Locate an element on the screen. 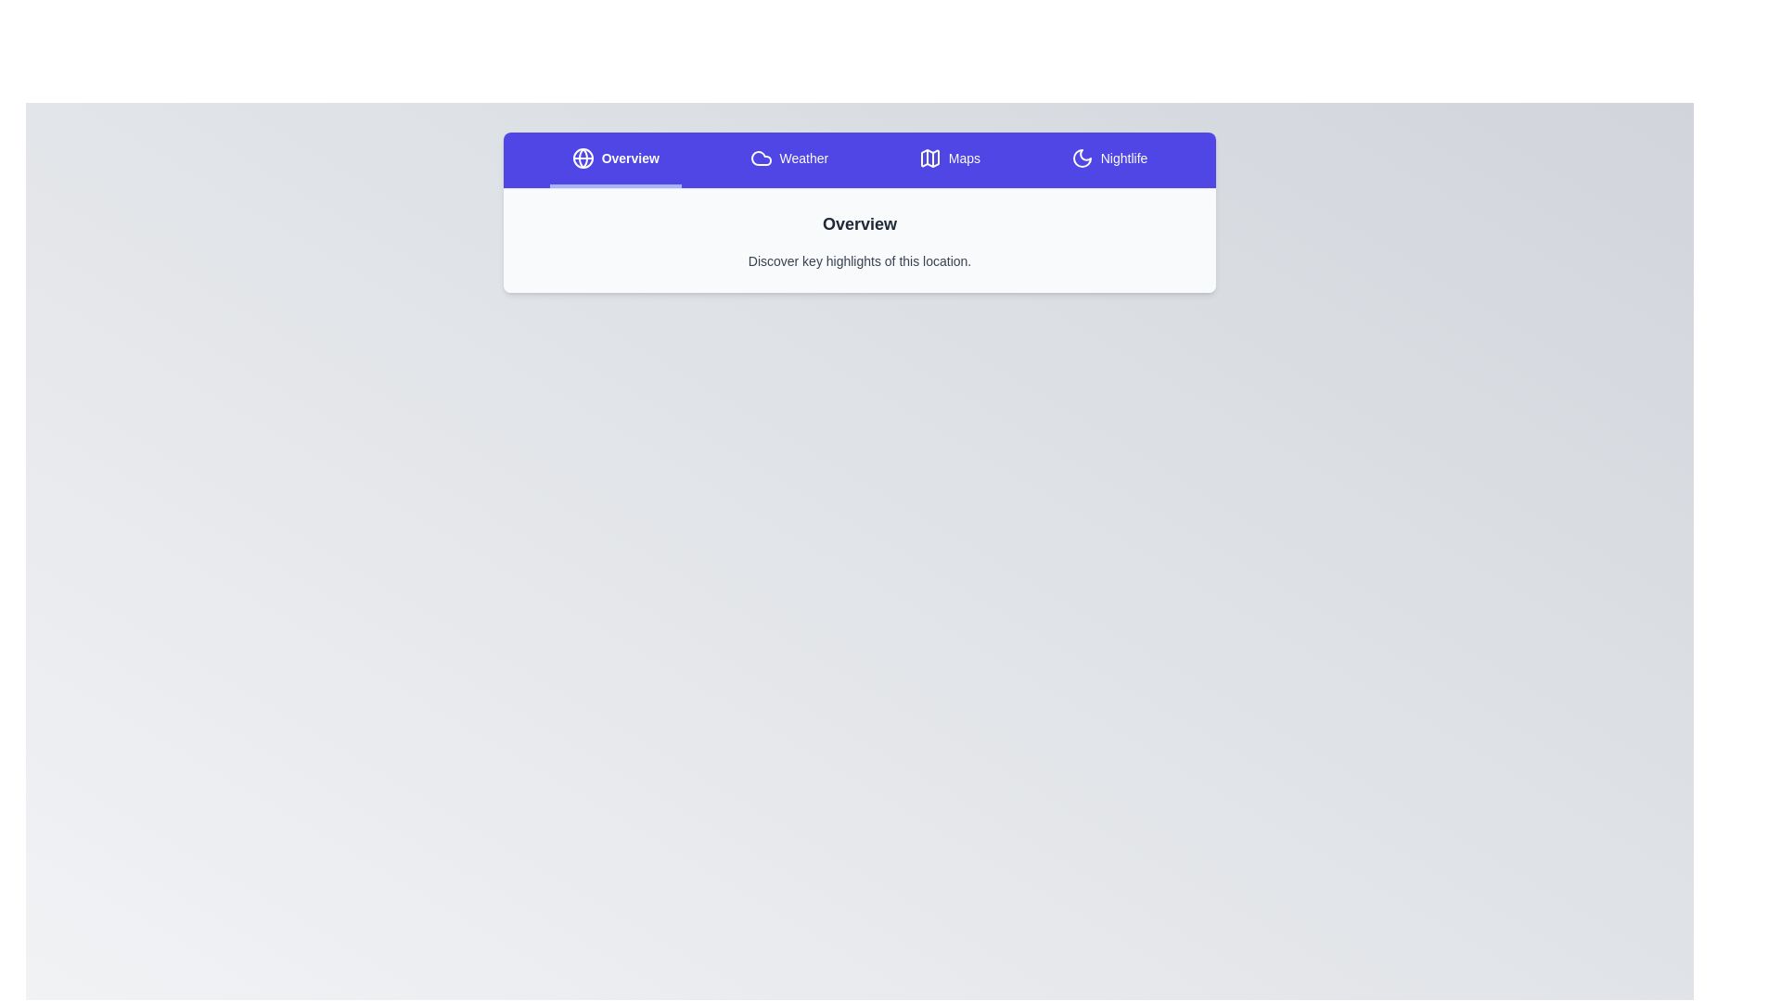 This screenshot has width=1781, height=1001. the Nightlife tab is located at coordinates (1108, 159).